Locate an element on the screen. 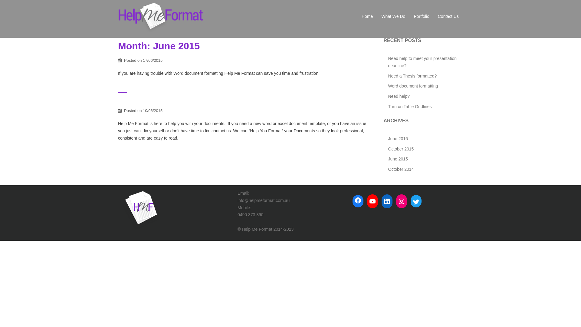  'June 2015' is located at coordinates (388, 158).